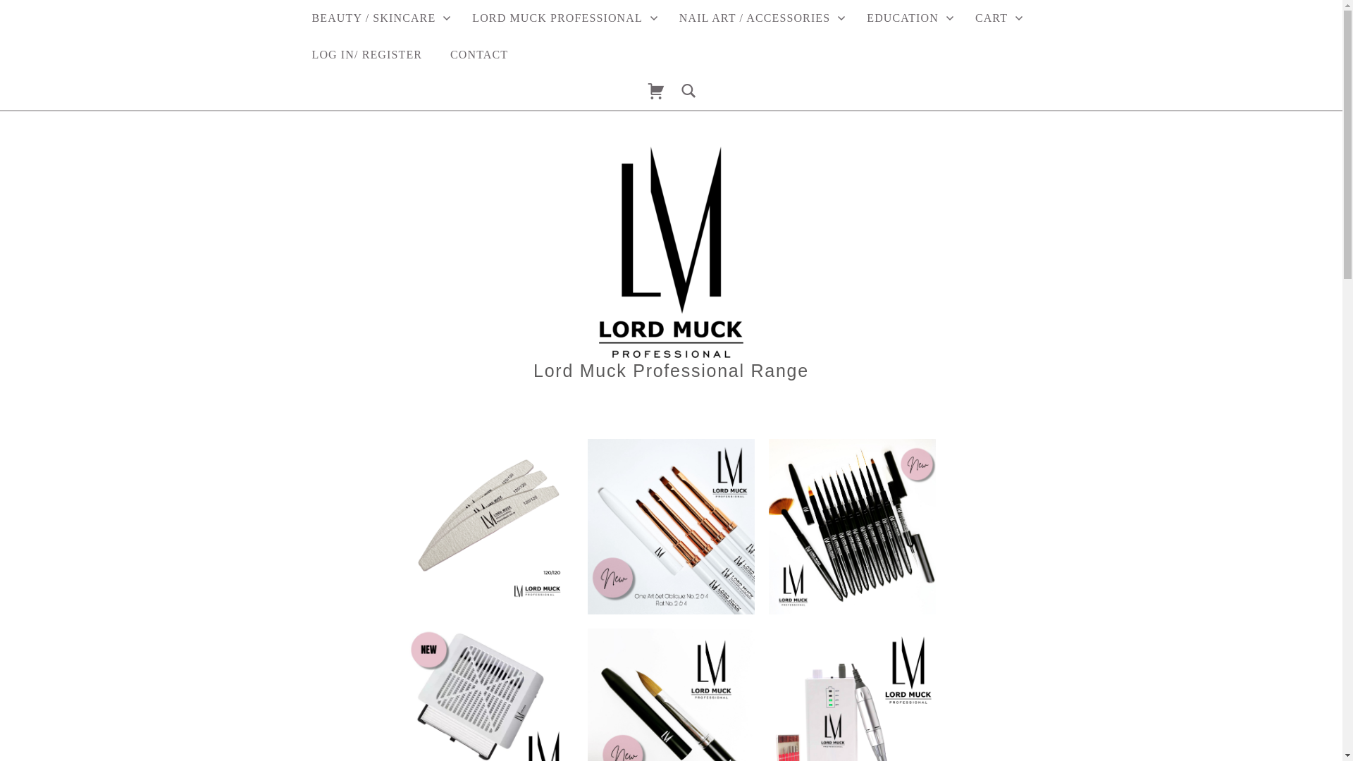 This screenshot has height=761, width=1353. What do you see at coordinates (378, 18) in the screenshot?
I see `'BEAUTY / SKINCARE'` at bounding box center [378, 18].